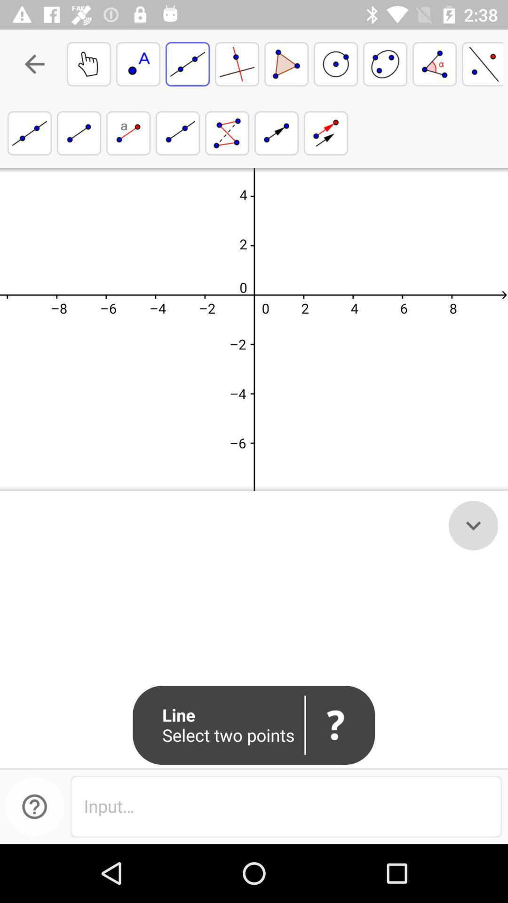  Describe the element at coordinates (473, 525) in the screenshot. I see `the expand_more icon` at that location.